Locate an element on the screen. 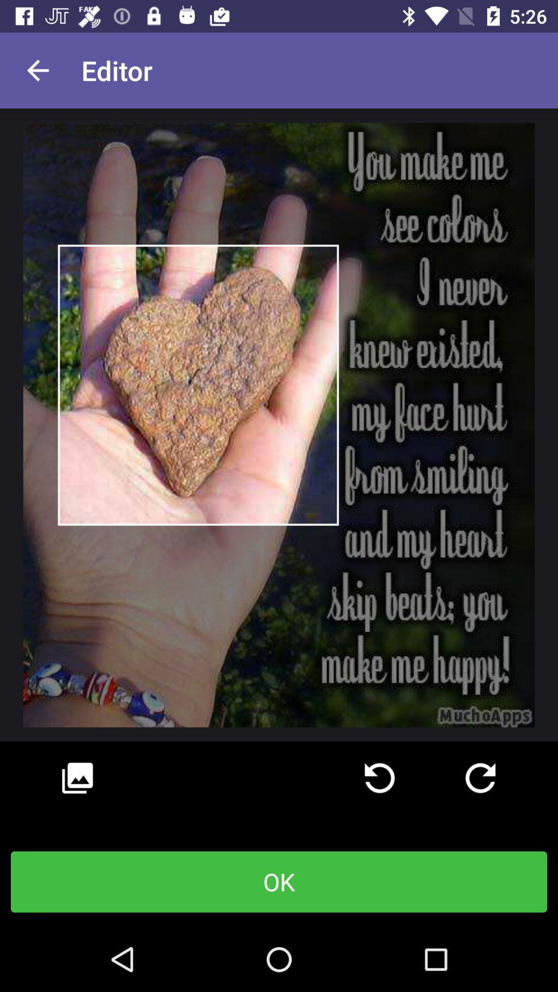 Image resolution: width=558 pixels, height=992 pixels. the item above ok icon is located at coordinates (77, 778).